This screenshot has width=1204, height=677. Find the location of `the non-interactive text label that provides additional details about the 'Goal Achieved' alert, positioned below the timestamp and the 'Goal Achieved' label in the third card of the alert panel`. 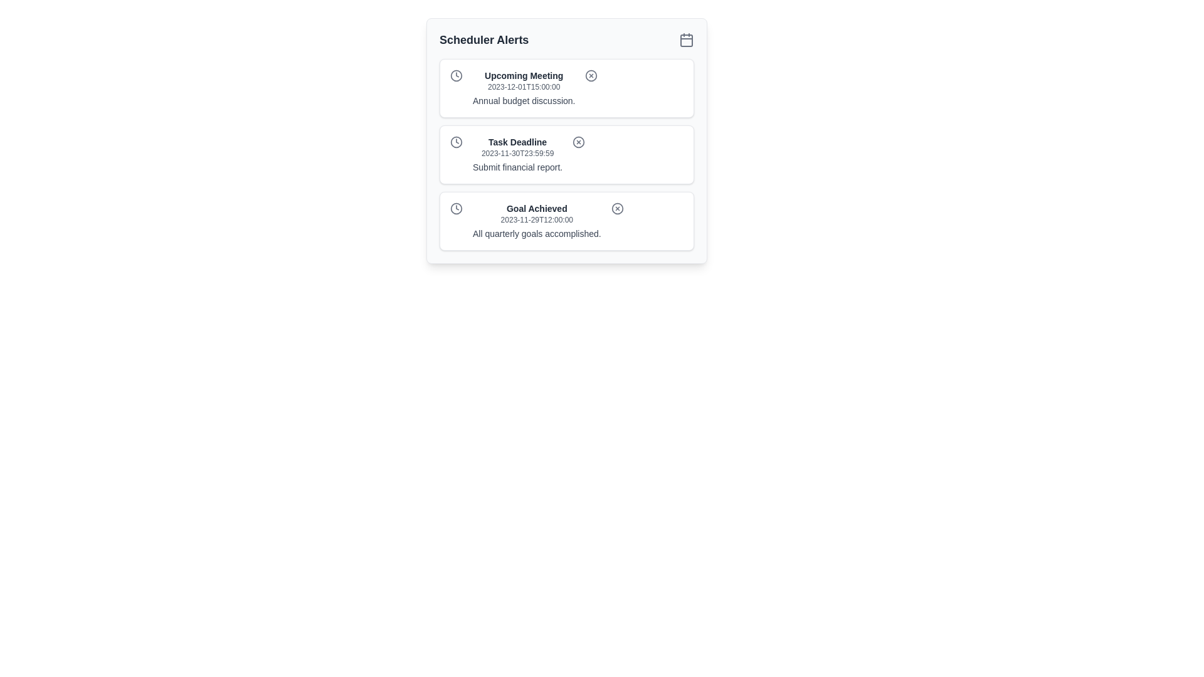

the non-interactive text label that provides additional details about the 'Goal Achieved' alert, positioned below the timestamp and the 'Goal Achieved' label in the third card of the alert panel is located at coordinates (537, 234).